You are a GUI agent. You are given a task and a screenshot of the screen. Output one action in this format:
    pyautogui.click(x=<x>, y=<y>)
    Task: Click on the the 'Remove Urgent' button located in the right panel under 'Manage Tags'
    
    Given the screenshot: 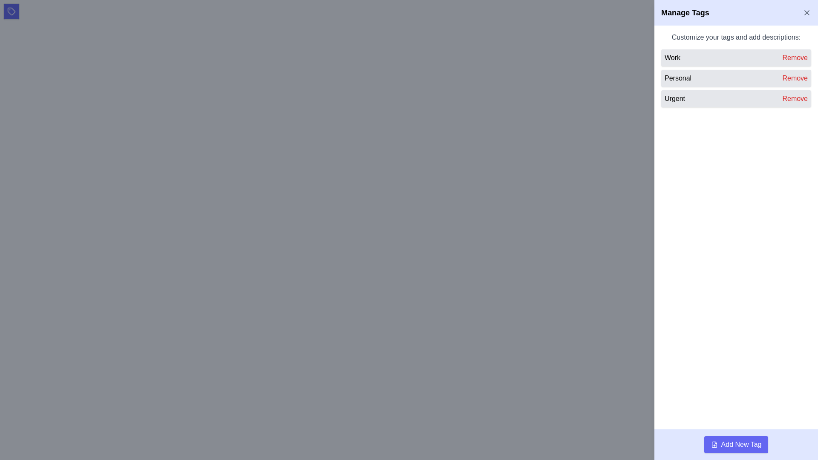 What is the action you would take?
    pyautogui.click(x=795, y=98)
    